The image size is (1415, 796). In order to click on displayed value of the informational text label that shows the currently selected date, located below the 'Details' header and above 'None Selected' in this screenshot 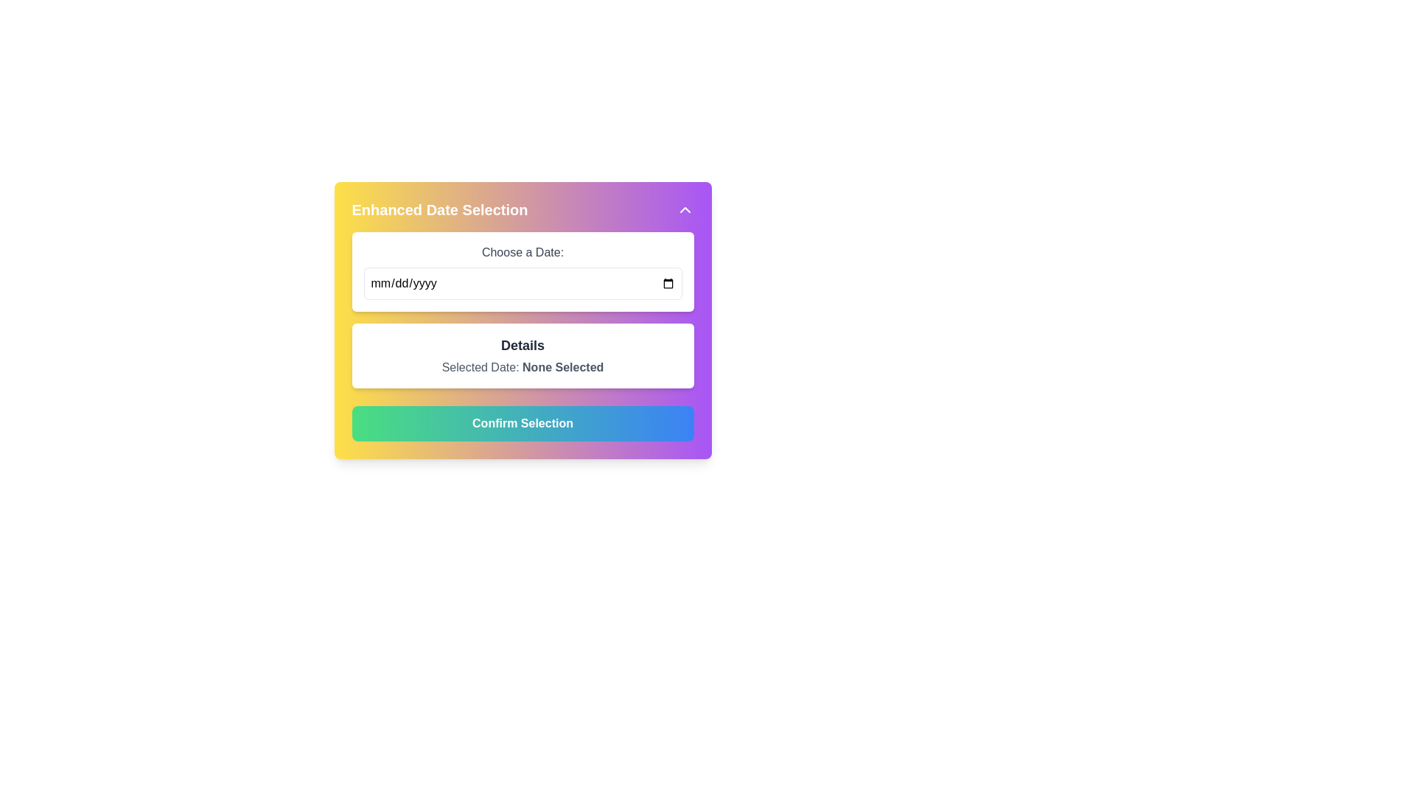, I will do `click(523, 366)`.